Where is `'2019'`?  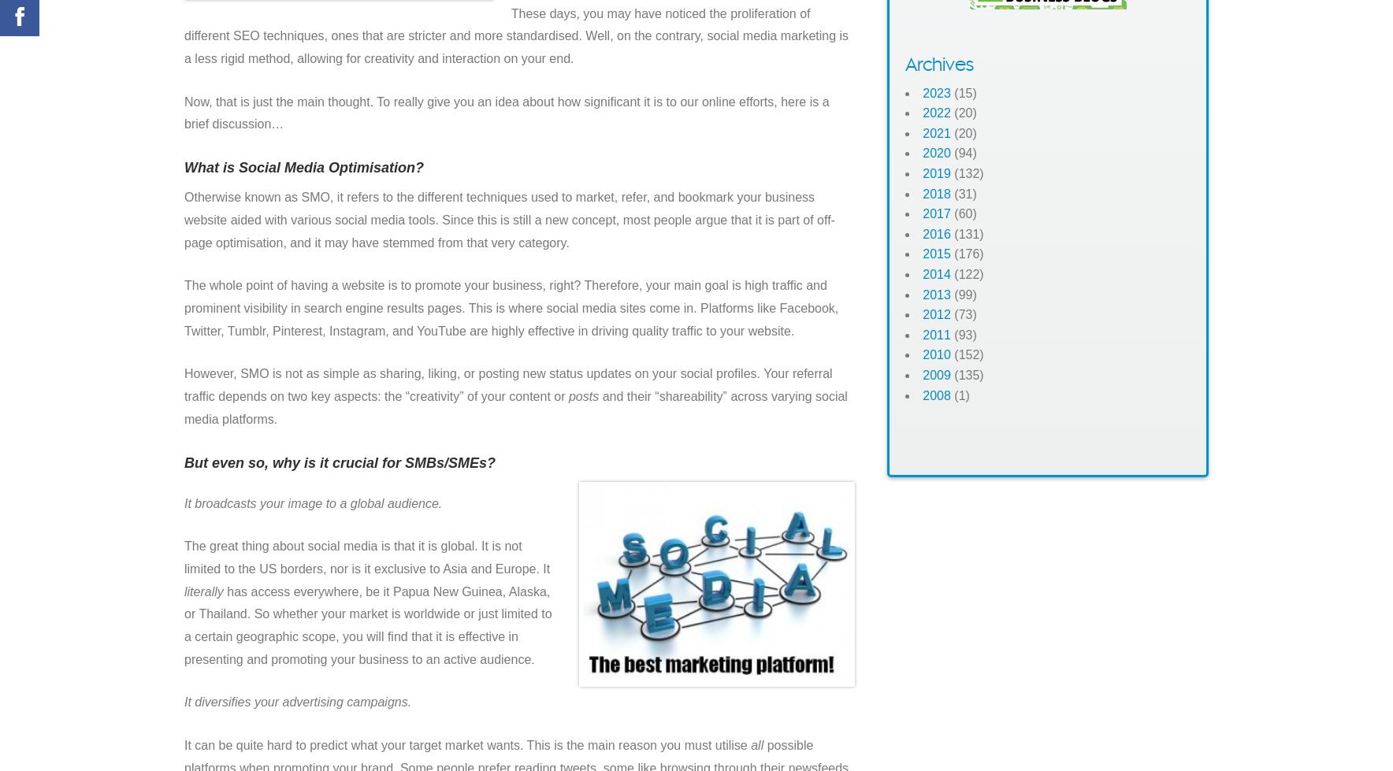
'2019' is located at coordinates (936, 173).